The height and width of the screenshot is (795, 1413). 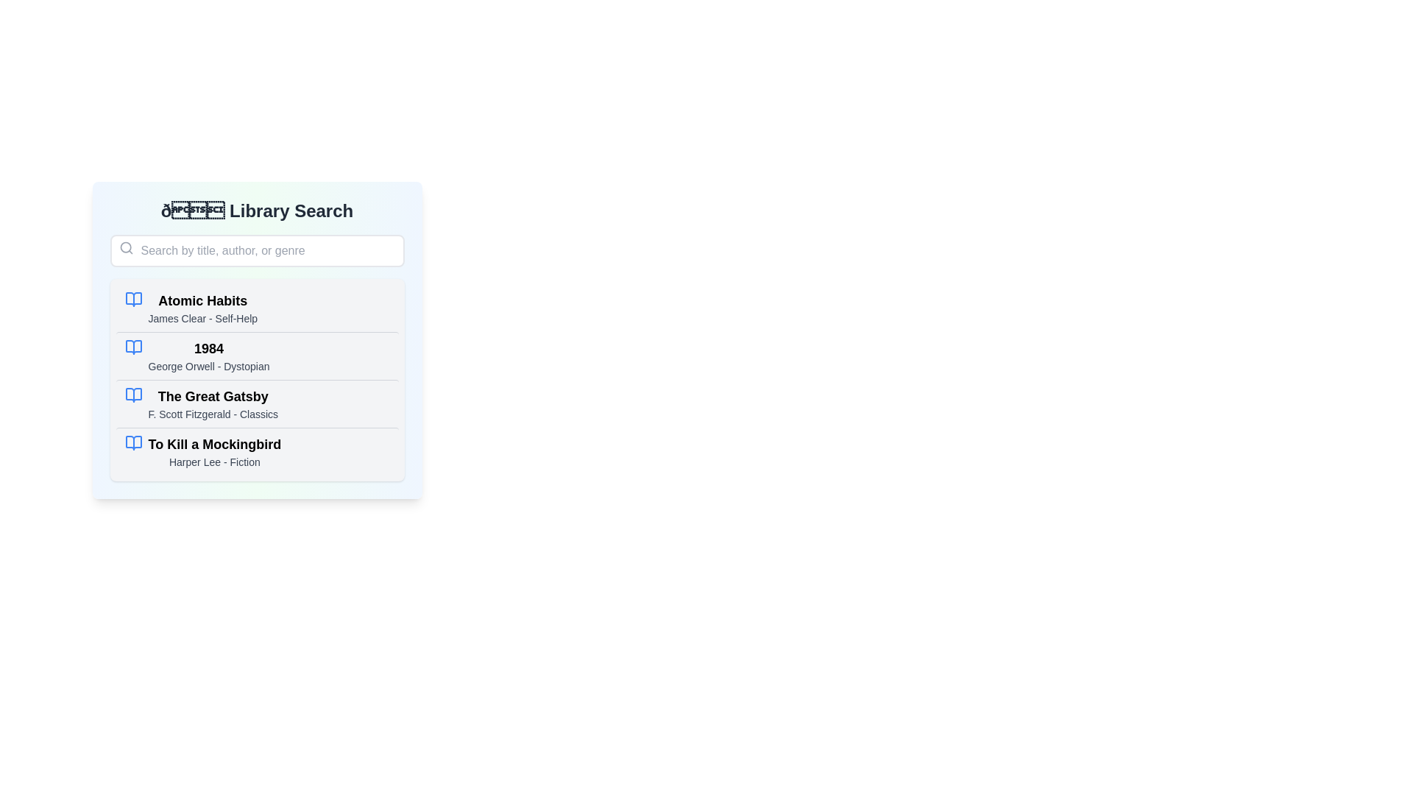 I want to click on the third list item displaying 'The Great Gatsby' by F. Scott Fitzgerald, so click(x=212, y=403).